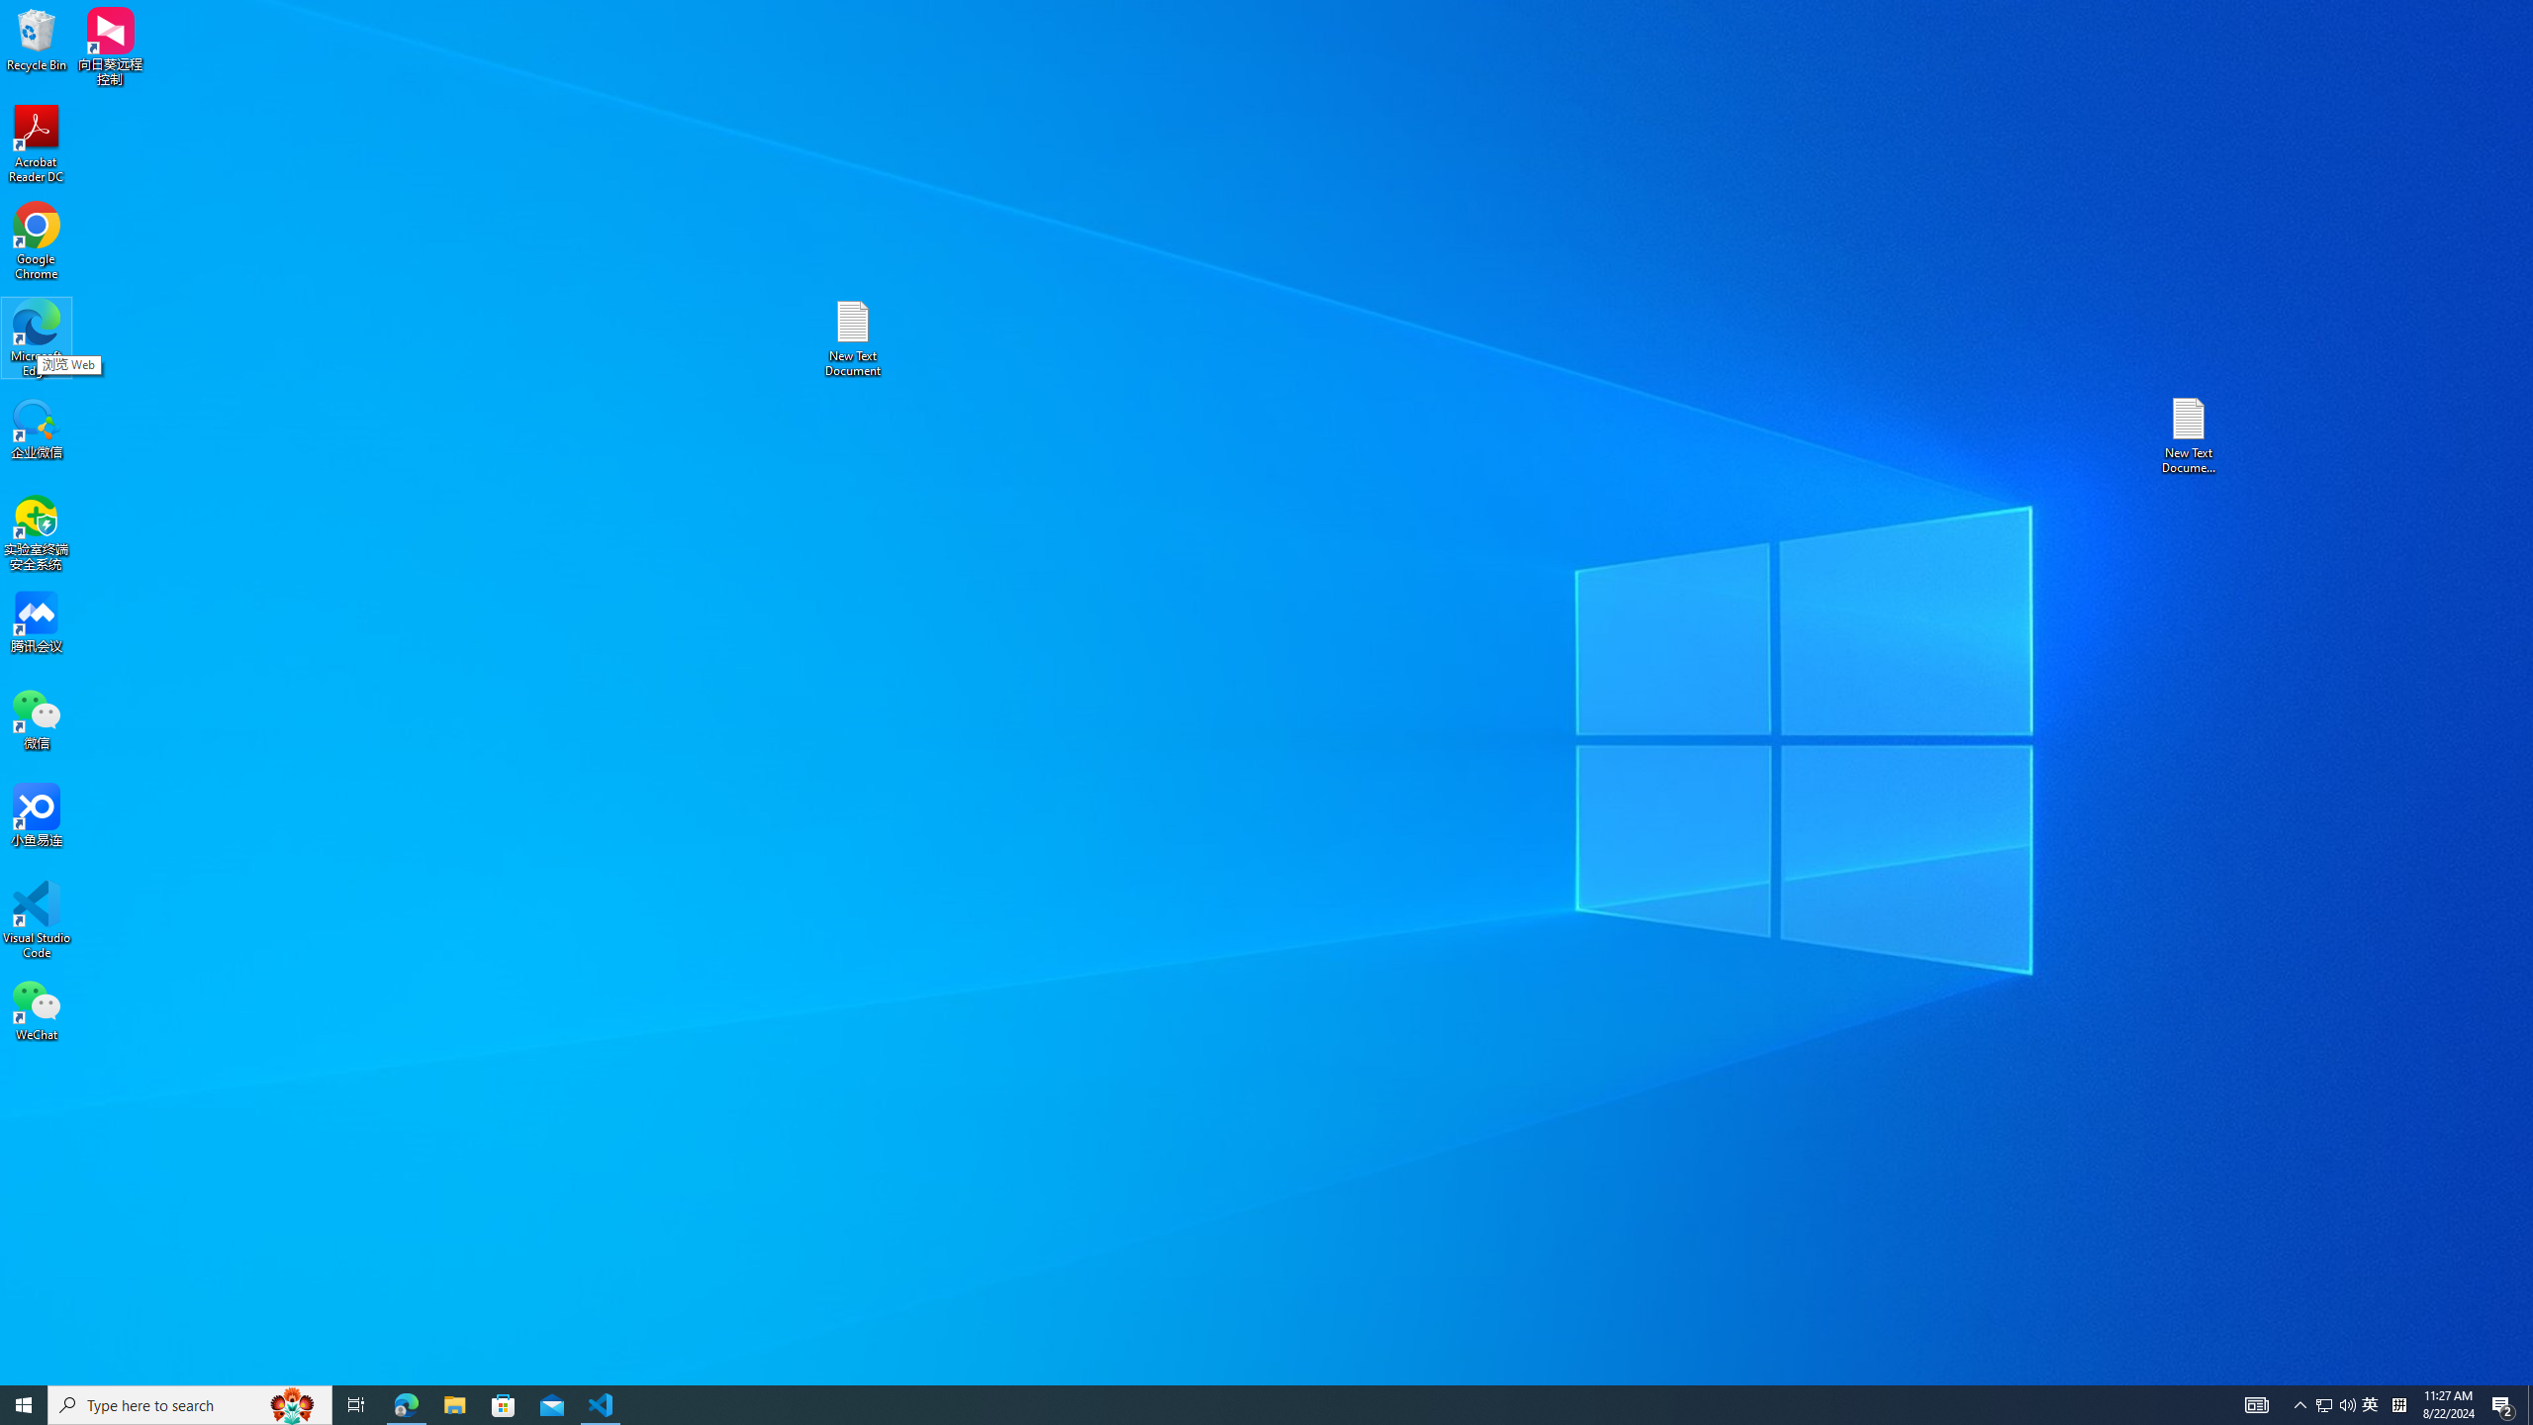 This screenshot has height=1425, width=2533. Describe the element at coordinates (189, 1403) in the screenshot. I see `'Type here to search'` at that location.